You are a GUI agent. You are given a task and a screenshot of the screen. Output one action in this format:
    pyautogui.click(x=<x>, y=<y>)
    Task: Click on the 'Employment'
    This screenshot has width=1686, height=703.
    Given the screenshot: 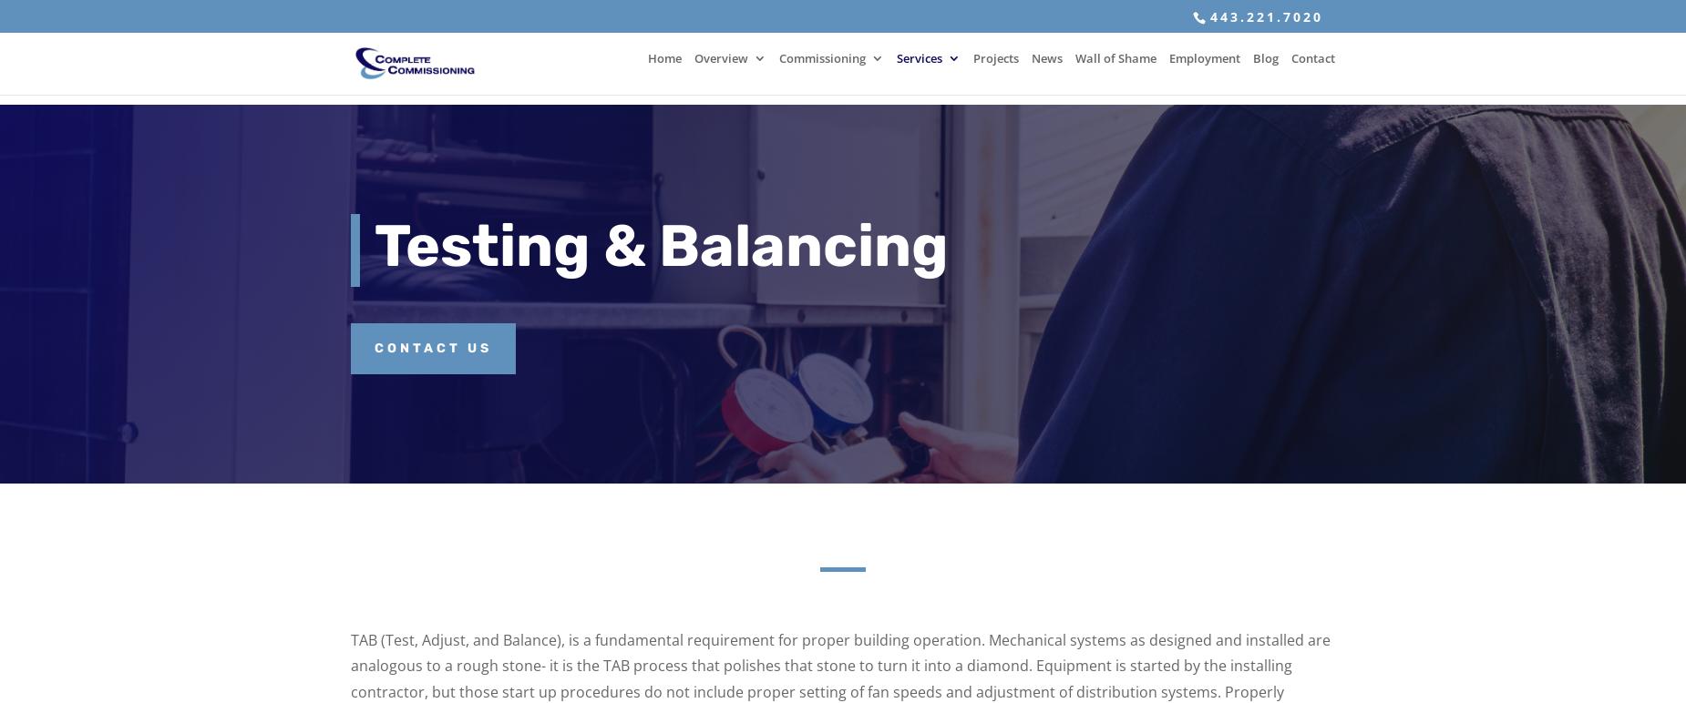 What is the action you would take?
    pyautogui.click(x=1204, y=68)
    